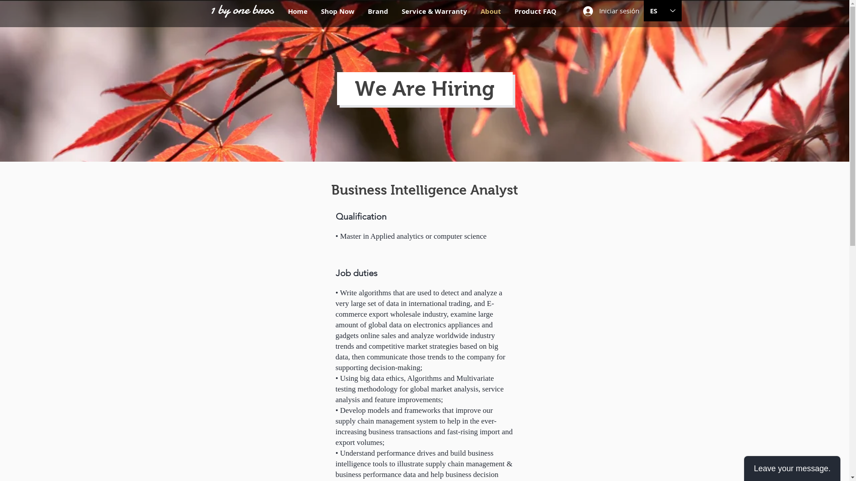  I want to click on 'Service & Warranty', so click(434, 12).